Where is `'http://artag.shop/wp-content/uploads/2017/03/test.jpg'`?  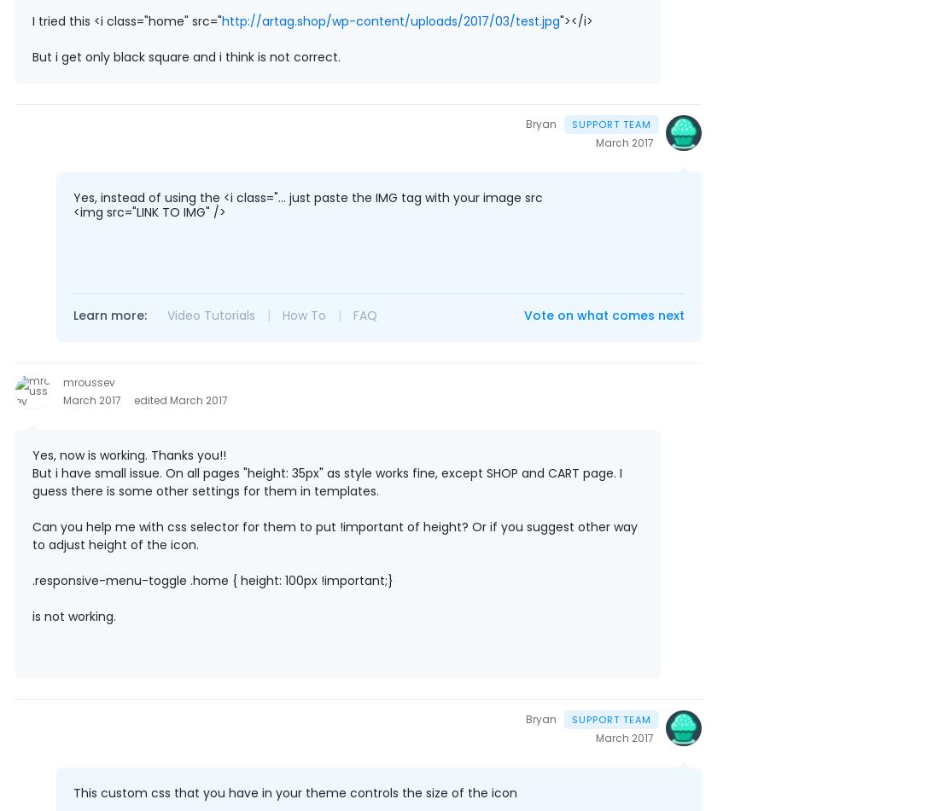
'http://artag.shop/wp-content/uploads/2017/03/test.jpg' is located at coordinates (390, 20).